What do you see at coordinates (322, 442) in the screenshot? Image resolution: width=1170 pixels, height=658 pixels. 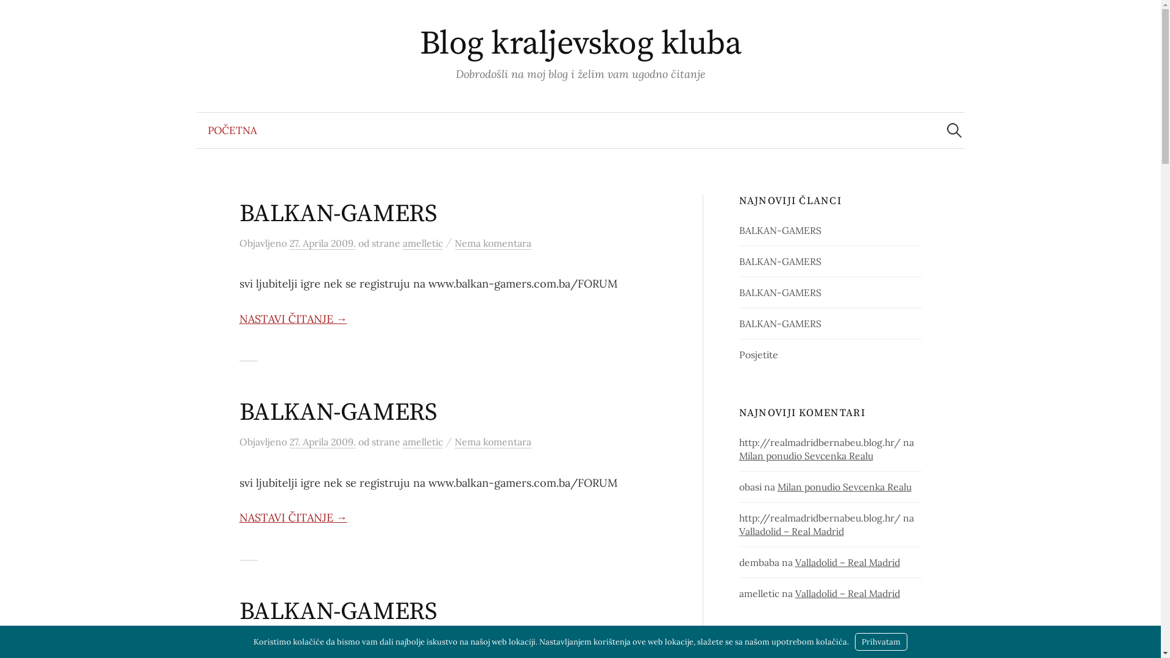 I see `'27. Aprila 2009.'` at bounding box center [322, 442].